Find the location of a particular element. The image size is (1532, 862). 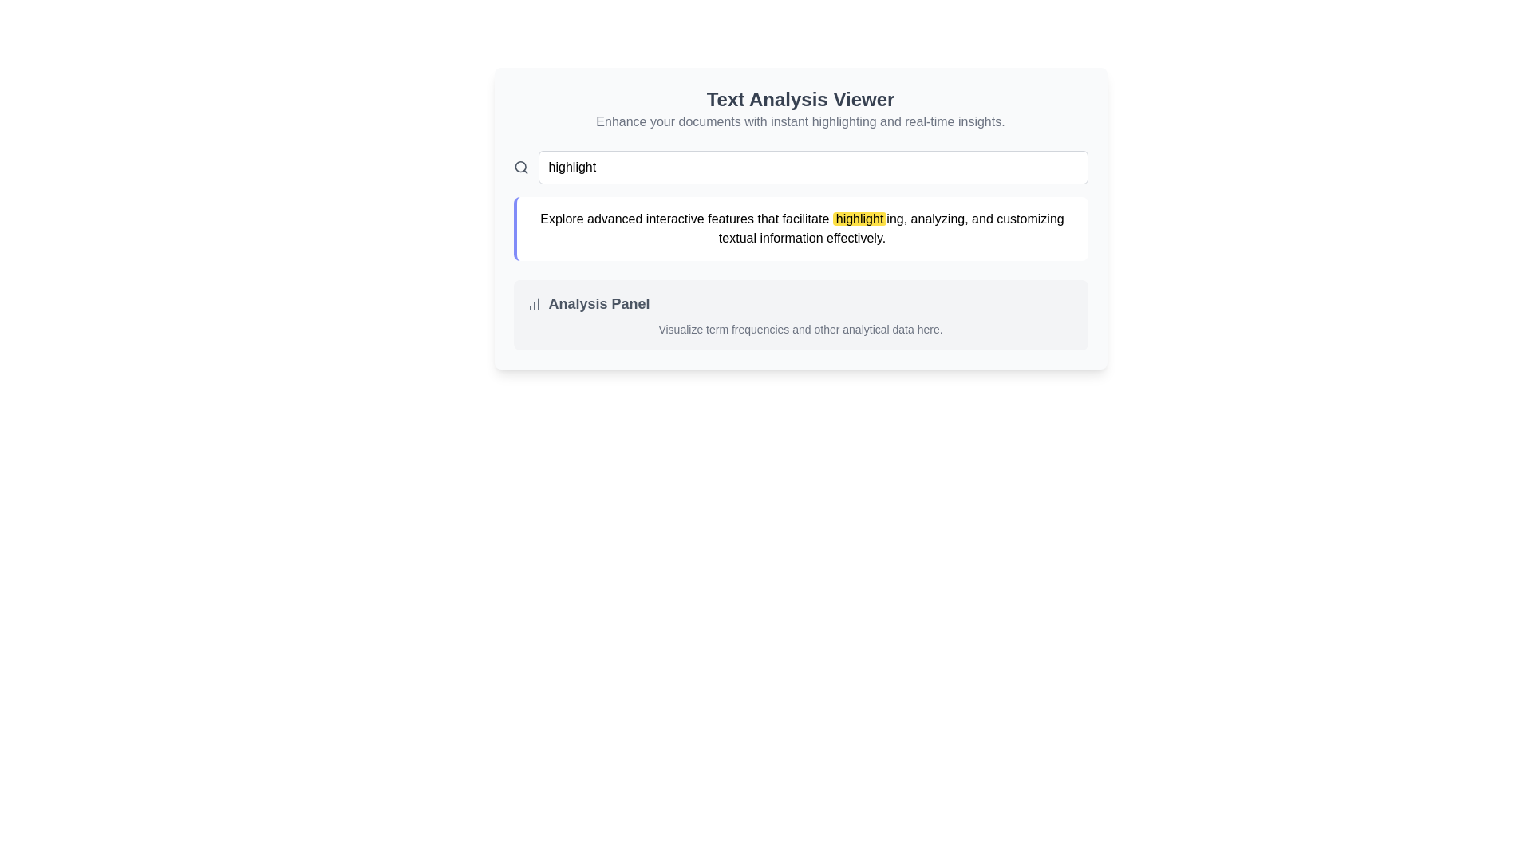

the subtitle text element located below the title in the 'Text Analysis Viewer' section is located at coordinates (800, 121).